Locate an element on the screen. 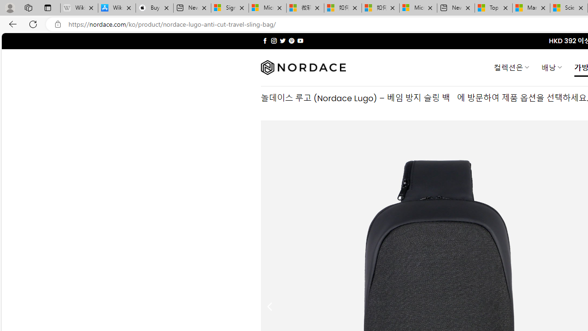  'Top Stories - MSN' is located at coordinates (493, 8).